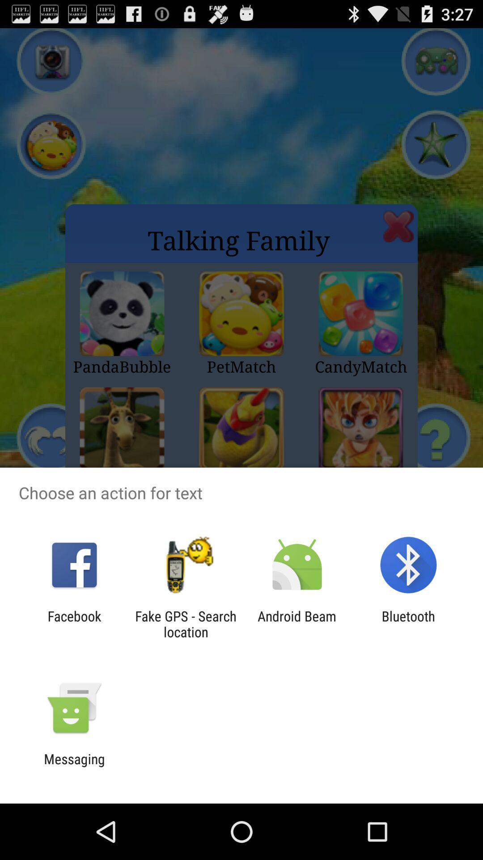 The height and width of the screenshot is (860, 483). I want to click on the item next to android beam icon, so click(408, 623).